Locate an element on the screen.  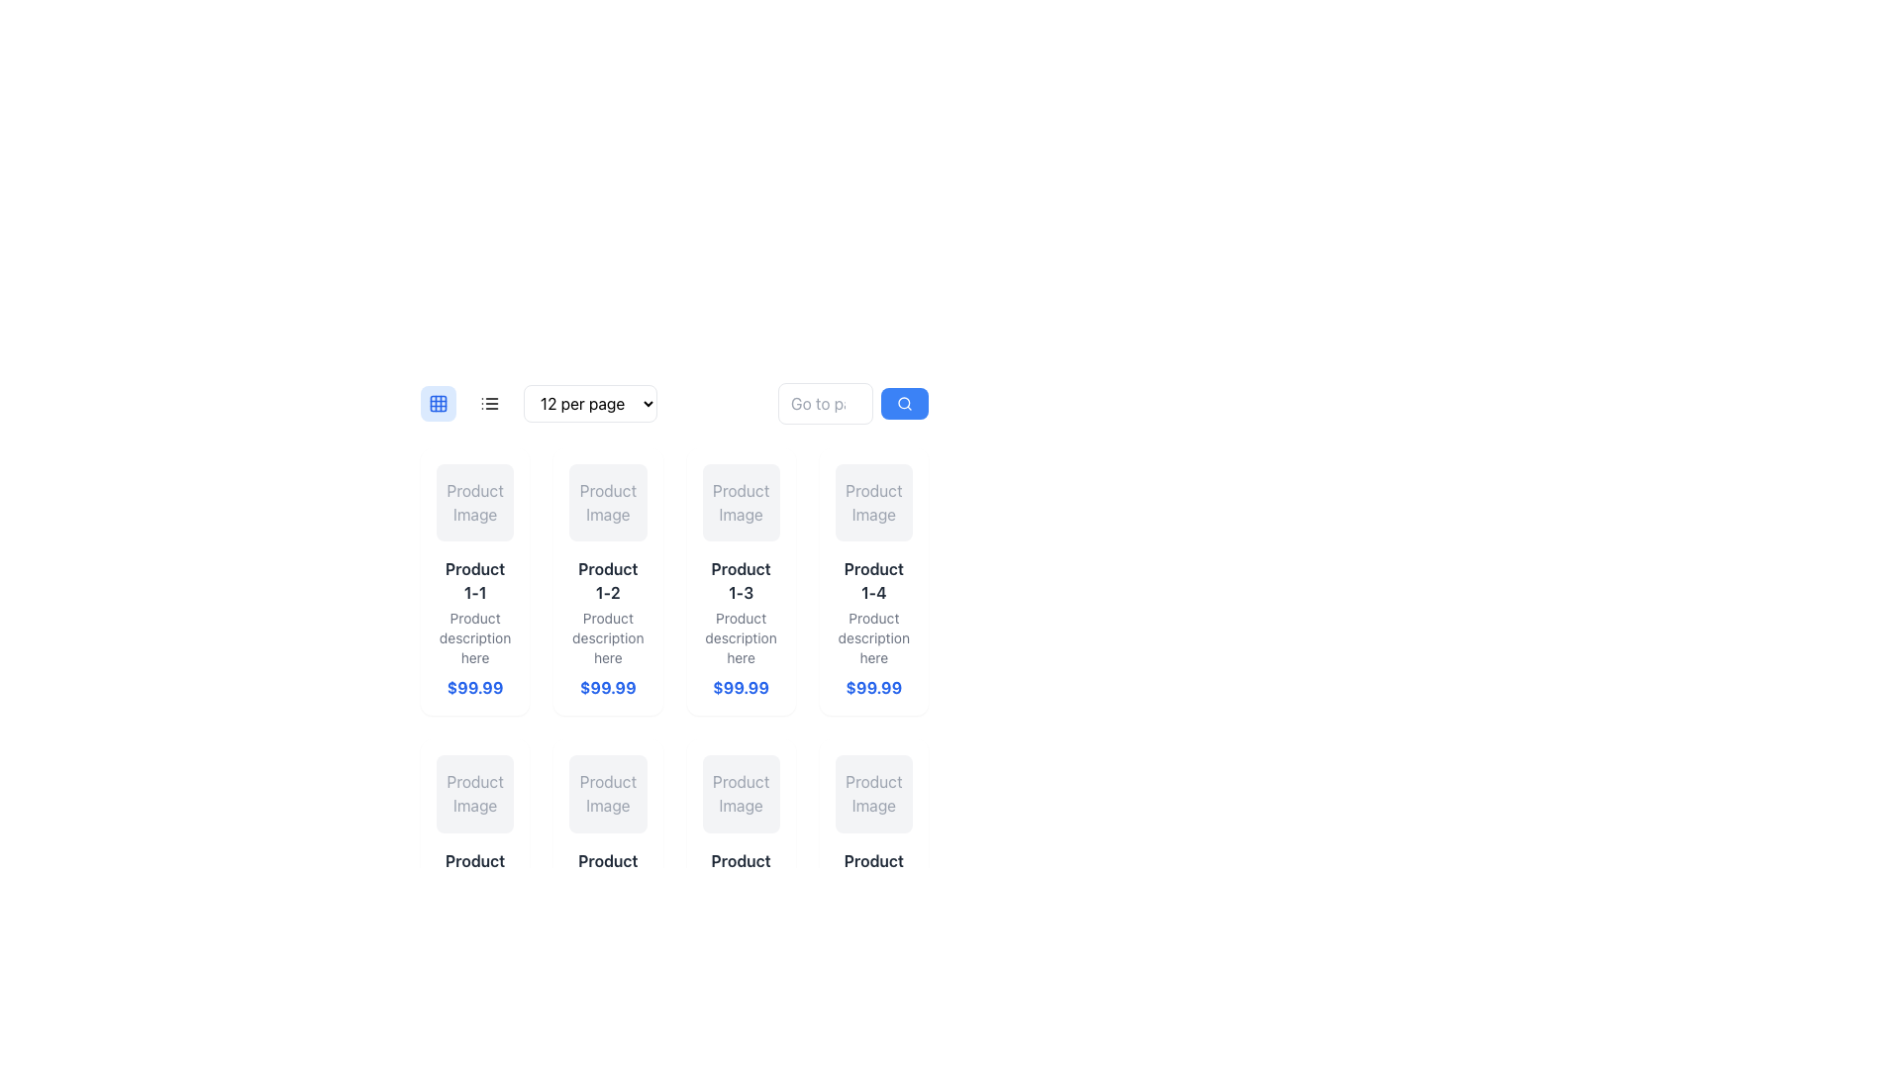
the placeholder for the product image located at the top of the product card in the fourth column of the first row, above the product title 'Product 1-4' is located at coordinates (872, 502).